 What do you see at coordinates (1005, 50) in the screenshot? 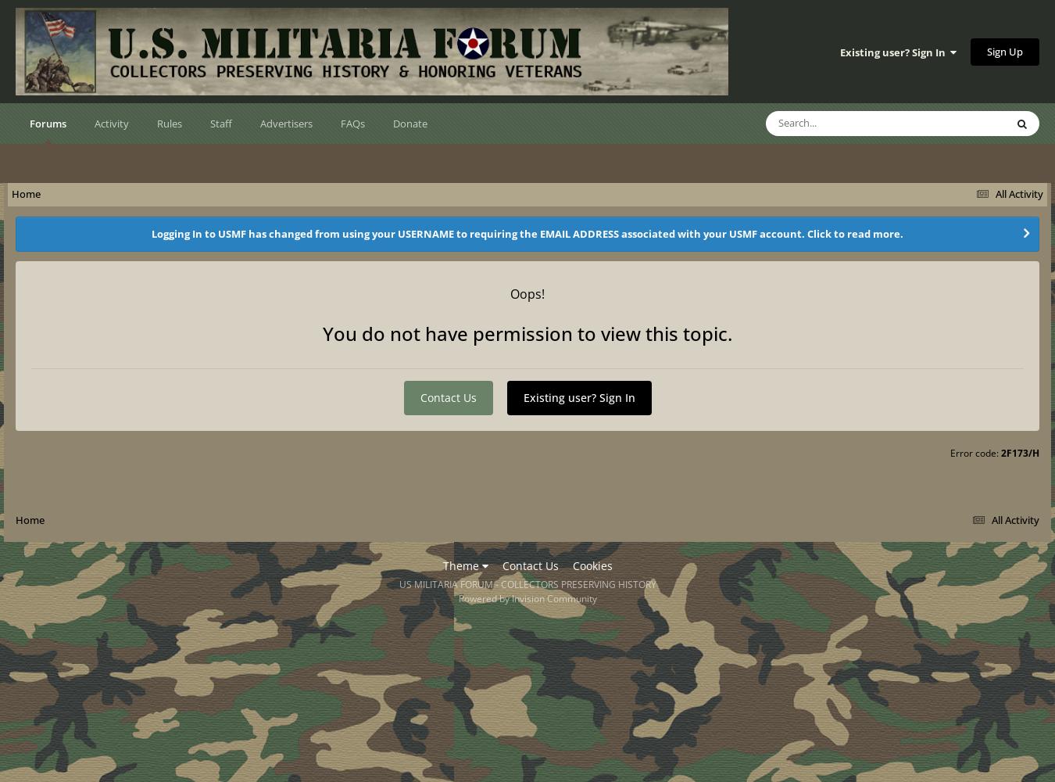
I see `'Sign Up'` at bounding box center [1005, 50].